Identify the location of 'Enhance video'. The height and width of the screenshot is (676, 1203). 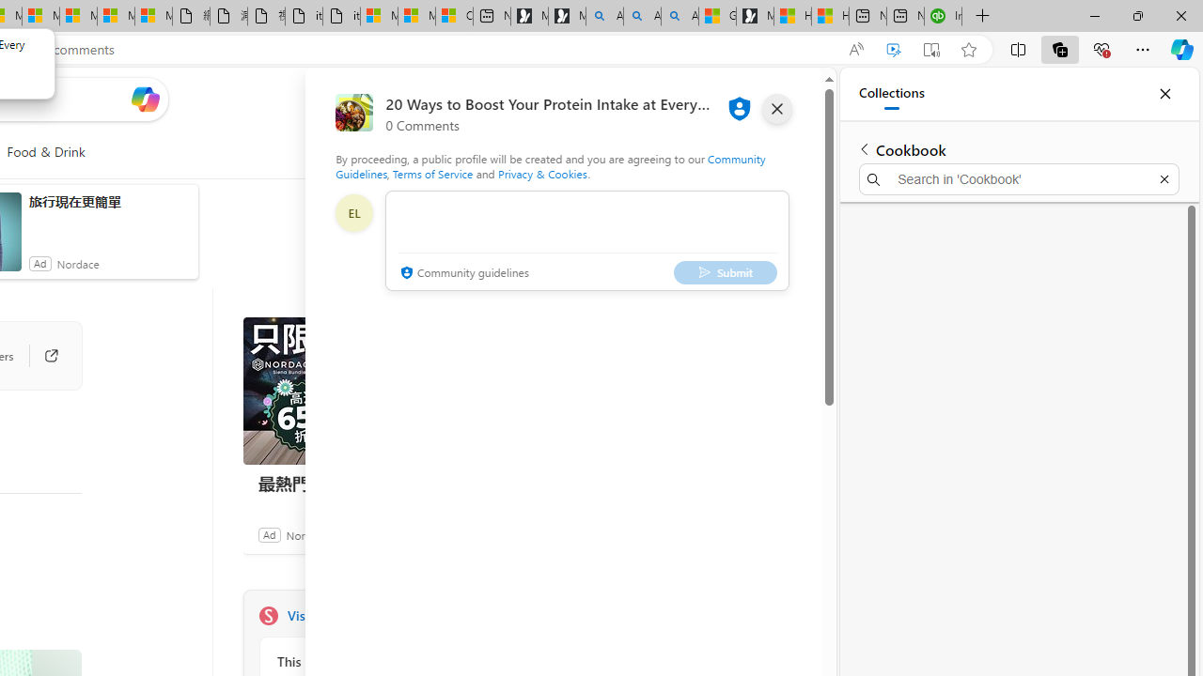
(893, 49).